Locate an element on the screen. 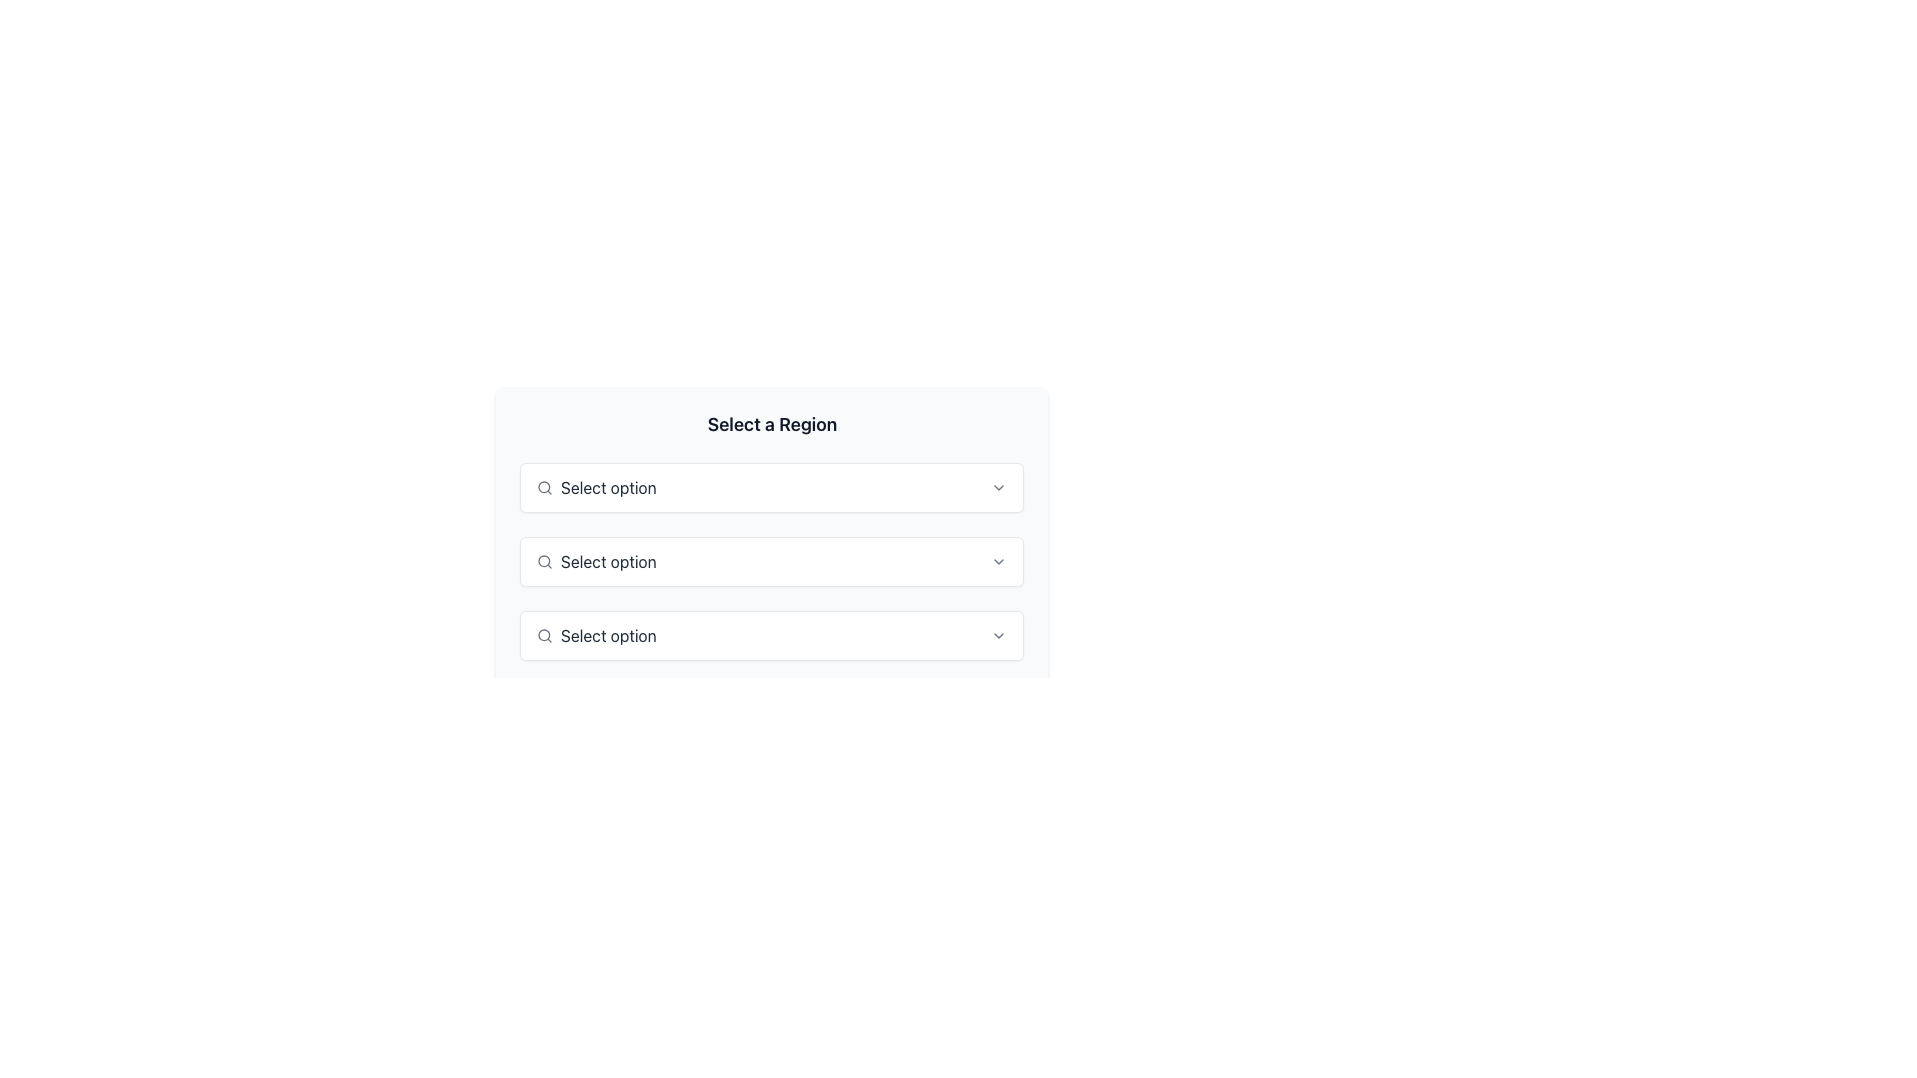 This screenshot has height=1078, width=1917. the magnifying glass icon, which is the leftmost icon in the selection field labeled 'Select option' is located at coordinates (545, 488).